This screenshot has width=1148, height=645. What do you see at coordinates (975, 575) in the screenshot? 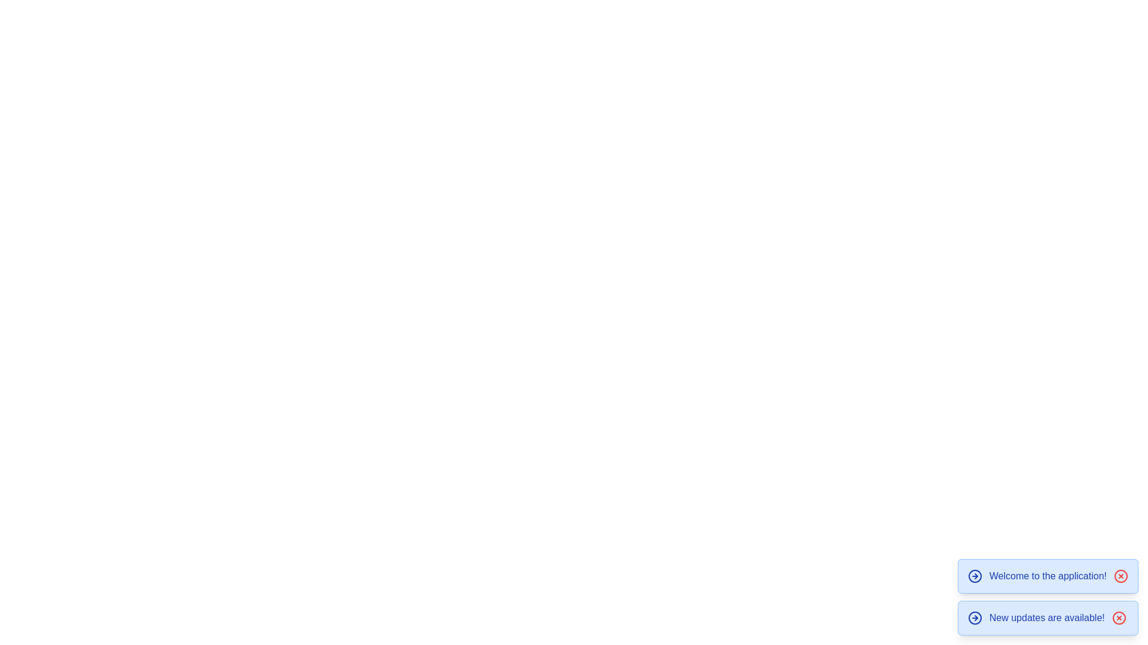
I see `the icon located at the leftmost edge of the notification box displaying 'Welcome to the application!', signaling forward navigation` at bounding box center [975, 575].